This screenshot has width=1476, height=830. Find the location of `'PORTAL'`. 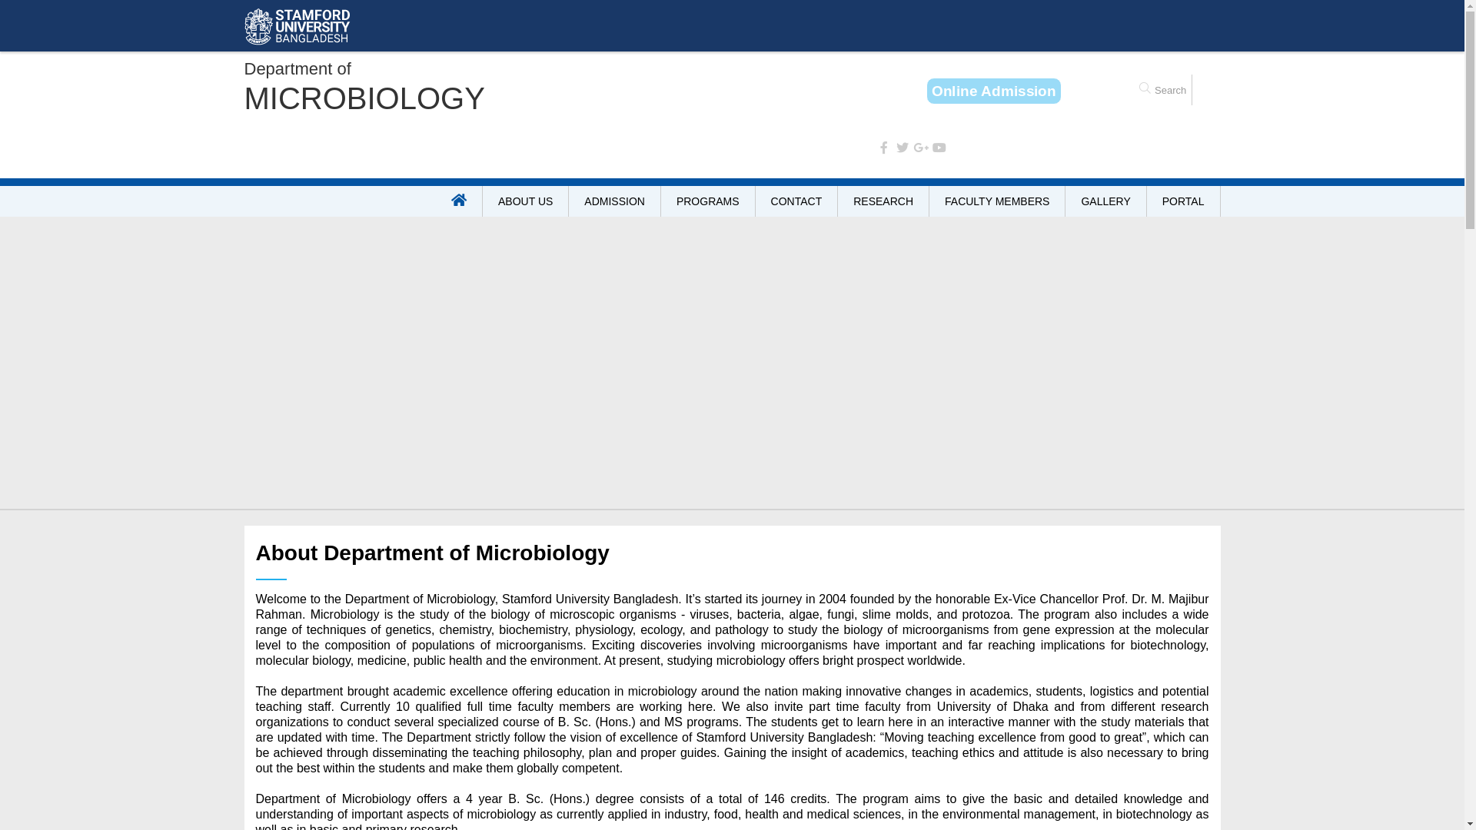

'PORTAL' is located at coordinates (1147, 201).